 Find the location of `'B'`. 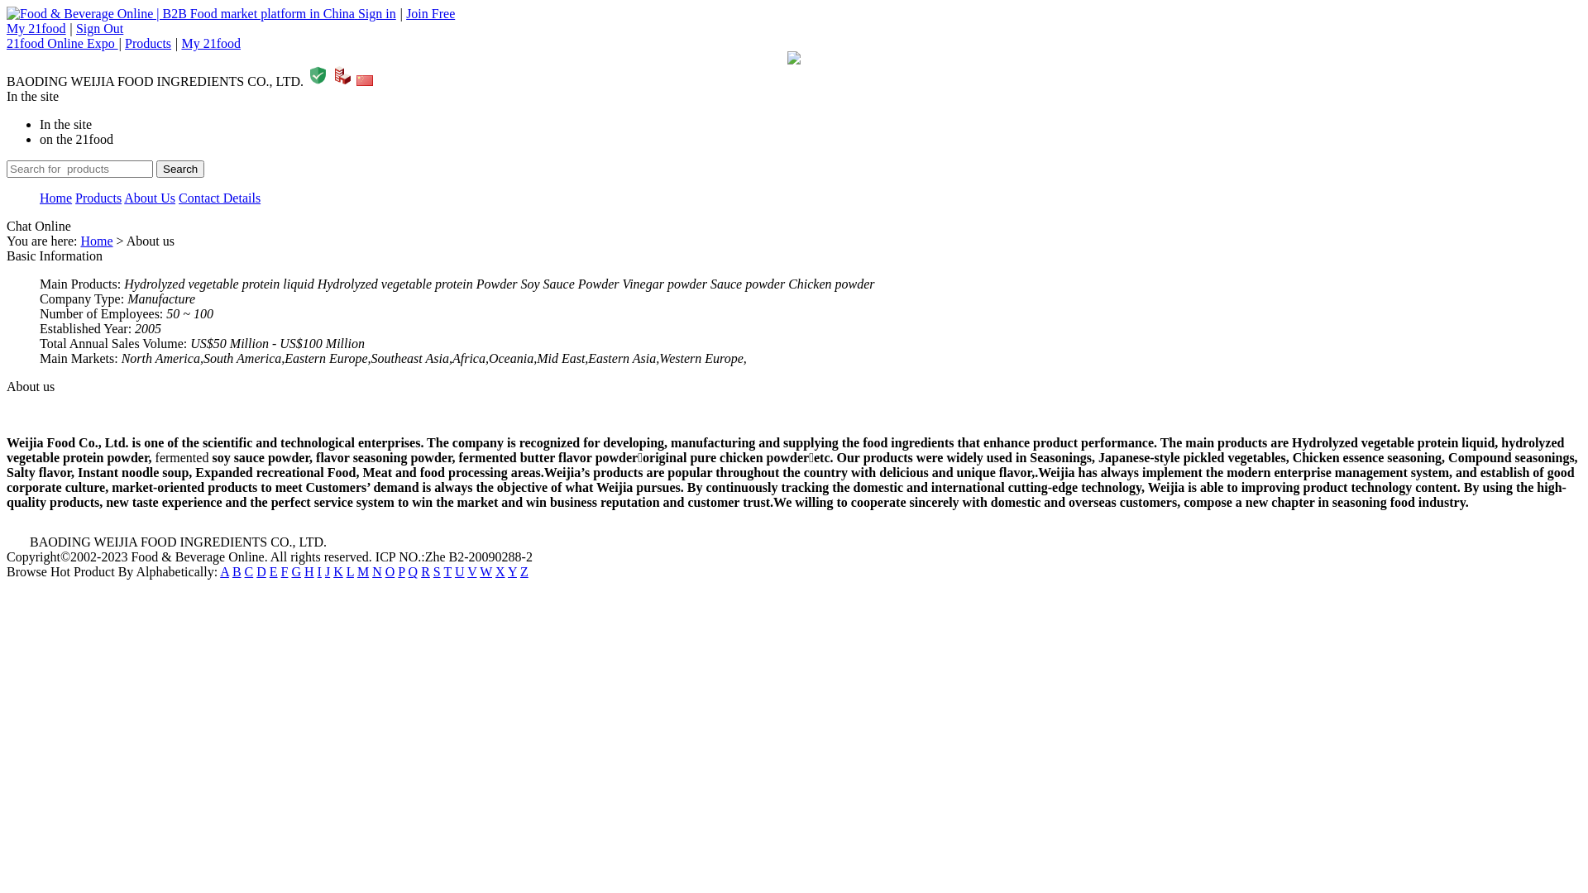

'B' is located at coordinates (232, 571).